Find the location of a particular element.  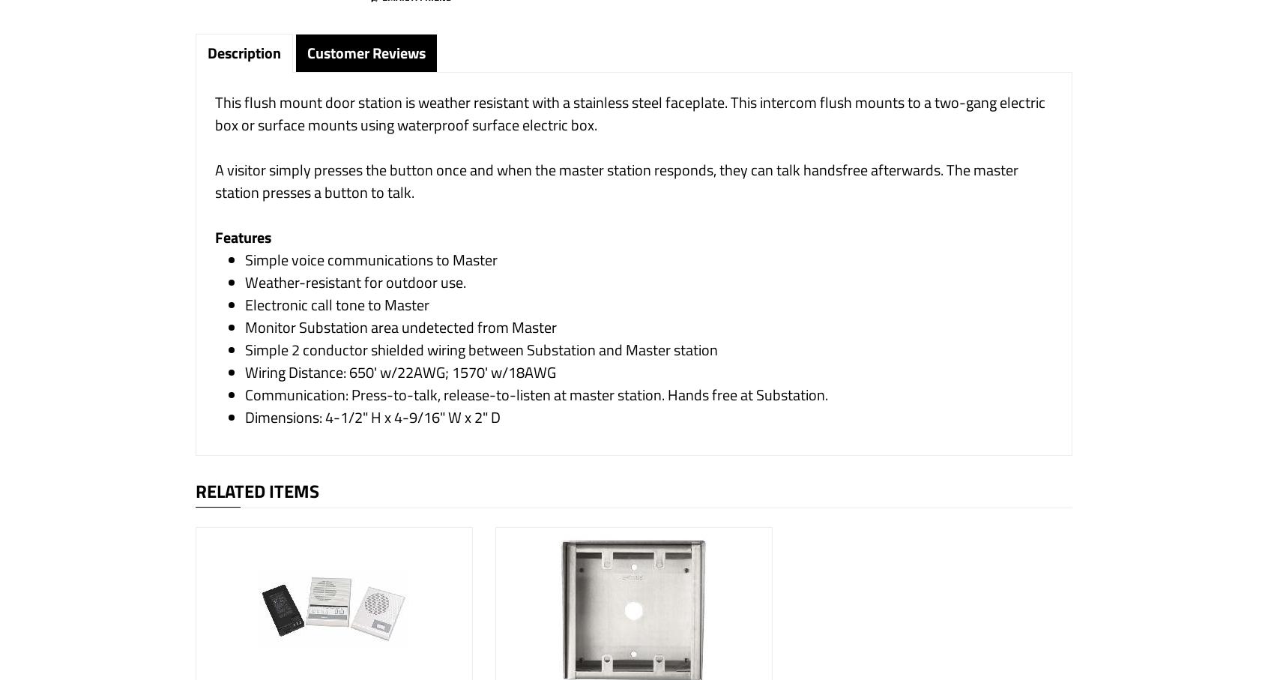

'Description' is located at coordinates (244, 52).